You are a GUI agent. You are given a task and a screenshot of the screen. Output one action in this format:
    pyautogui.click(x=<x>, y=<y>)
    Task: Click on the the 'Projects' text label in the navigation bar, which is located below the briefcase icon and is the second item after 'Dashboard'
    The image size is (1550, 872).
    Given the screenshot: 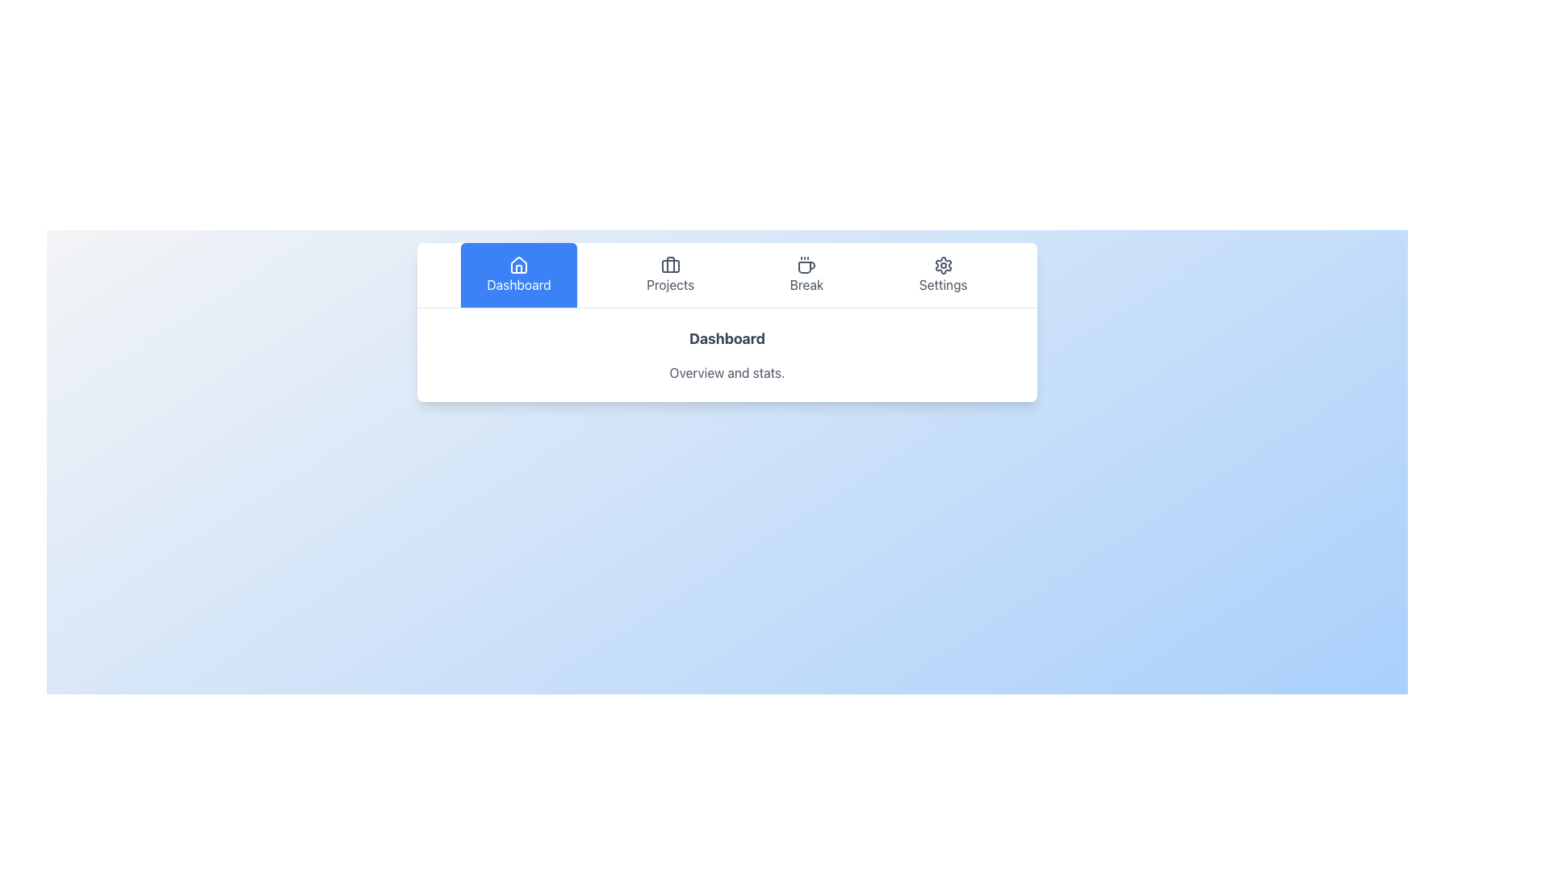 What is the action you would take?
    pyautogui.click(x=670, y=284)
    